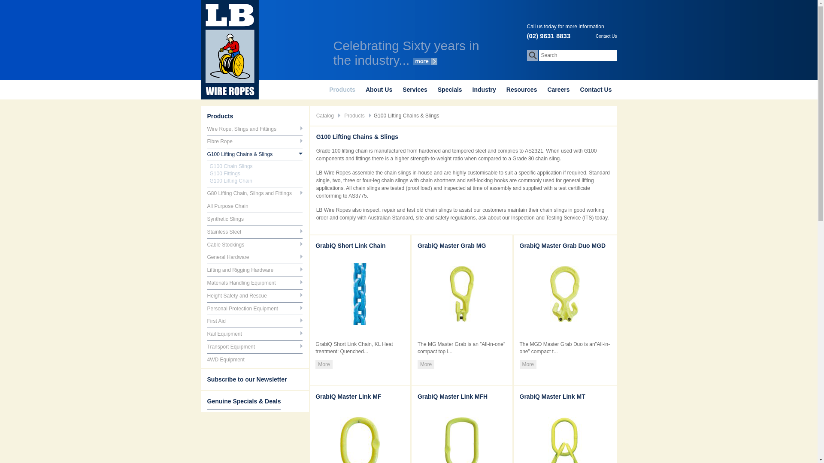 The width and height of the screenshot is (824, 463). Describe the element at coordinates (243, 401) in the screenshot. I see `'Genuine Specials & Deals'` at that location.